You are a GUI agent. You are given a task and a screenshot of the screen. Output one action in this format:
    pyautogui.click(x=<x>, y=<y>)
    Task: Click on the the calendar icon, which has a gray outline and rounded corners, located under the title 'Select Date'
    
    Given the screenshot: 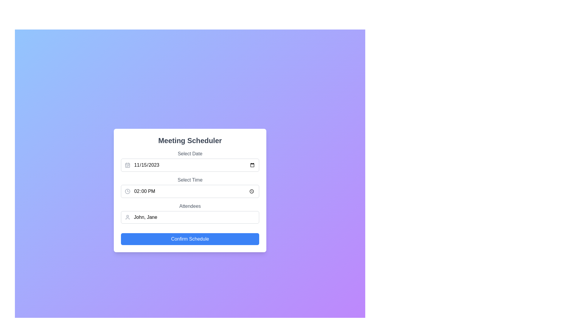 What is the action you would take?
    pyautogui.click(x=127, y=165)
    